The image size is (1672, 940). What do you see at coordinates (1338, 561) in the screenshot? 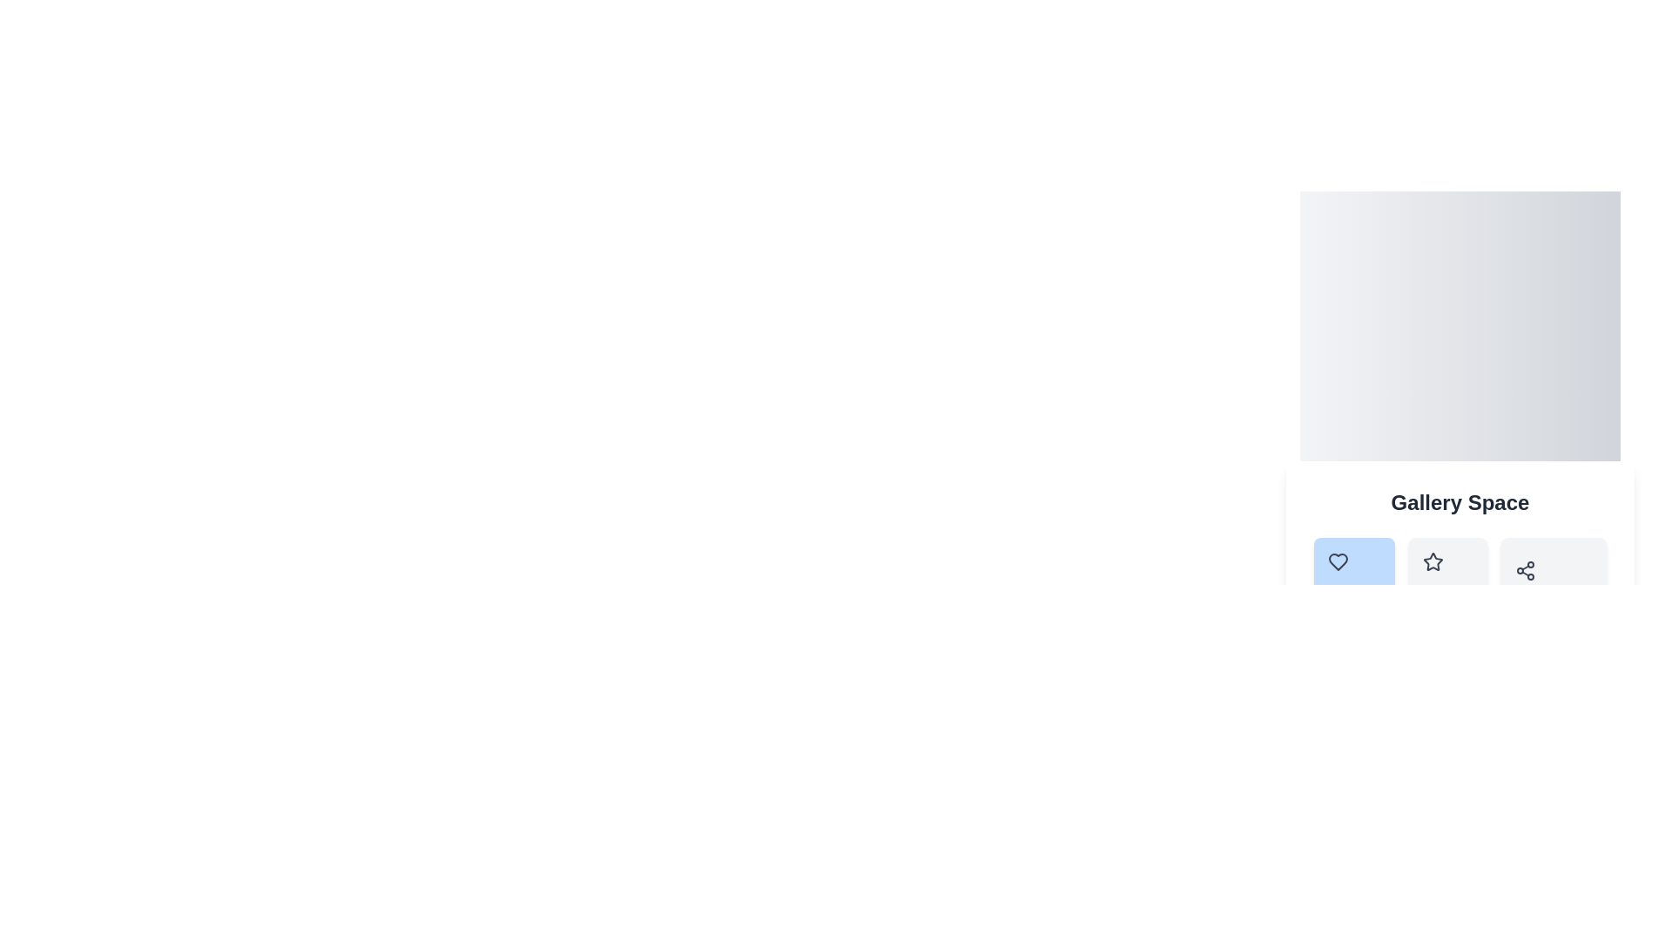
I see `the heart-shaped icon button located in the first slot of the icon row below the 'Gallery Space' label` at bounding box center [1338, 561].